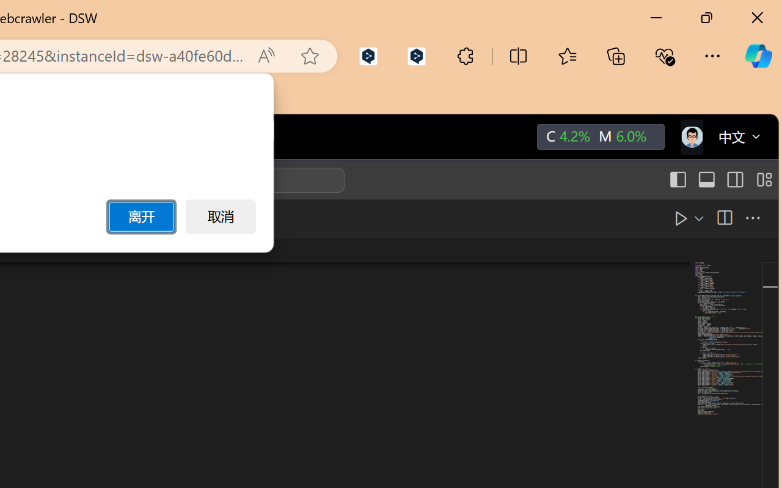  What do you see at coordinates (762, 180) in the screenshot?
I see `'Customize Layout...'` at bounding box center [762, 180].